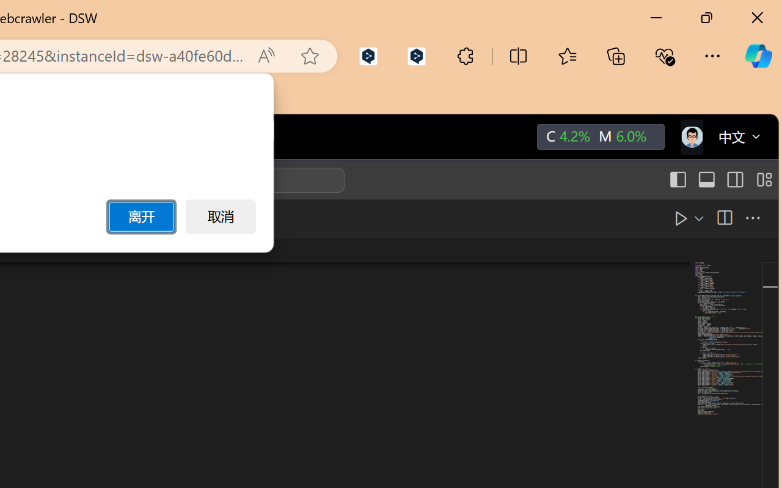  What do you see at coordinates (762, 180) in the screenshot?
I see `'Customize Layout...'` at bounding box center [762, 180].